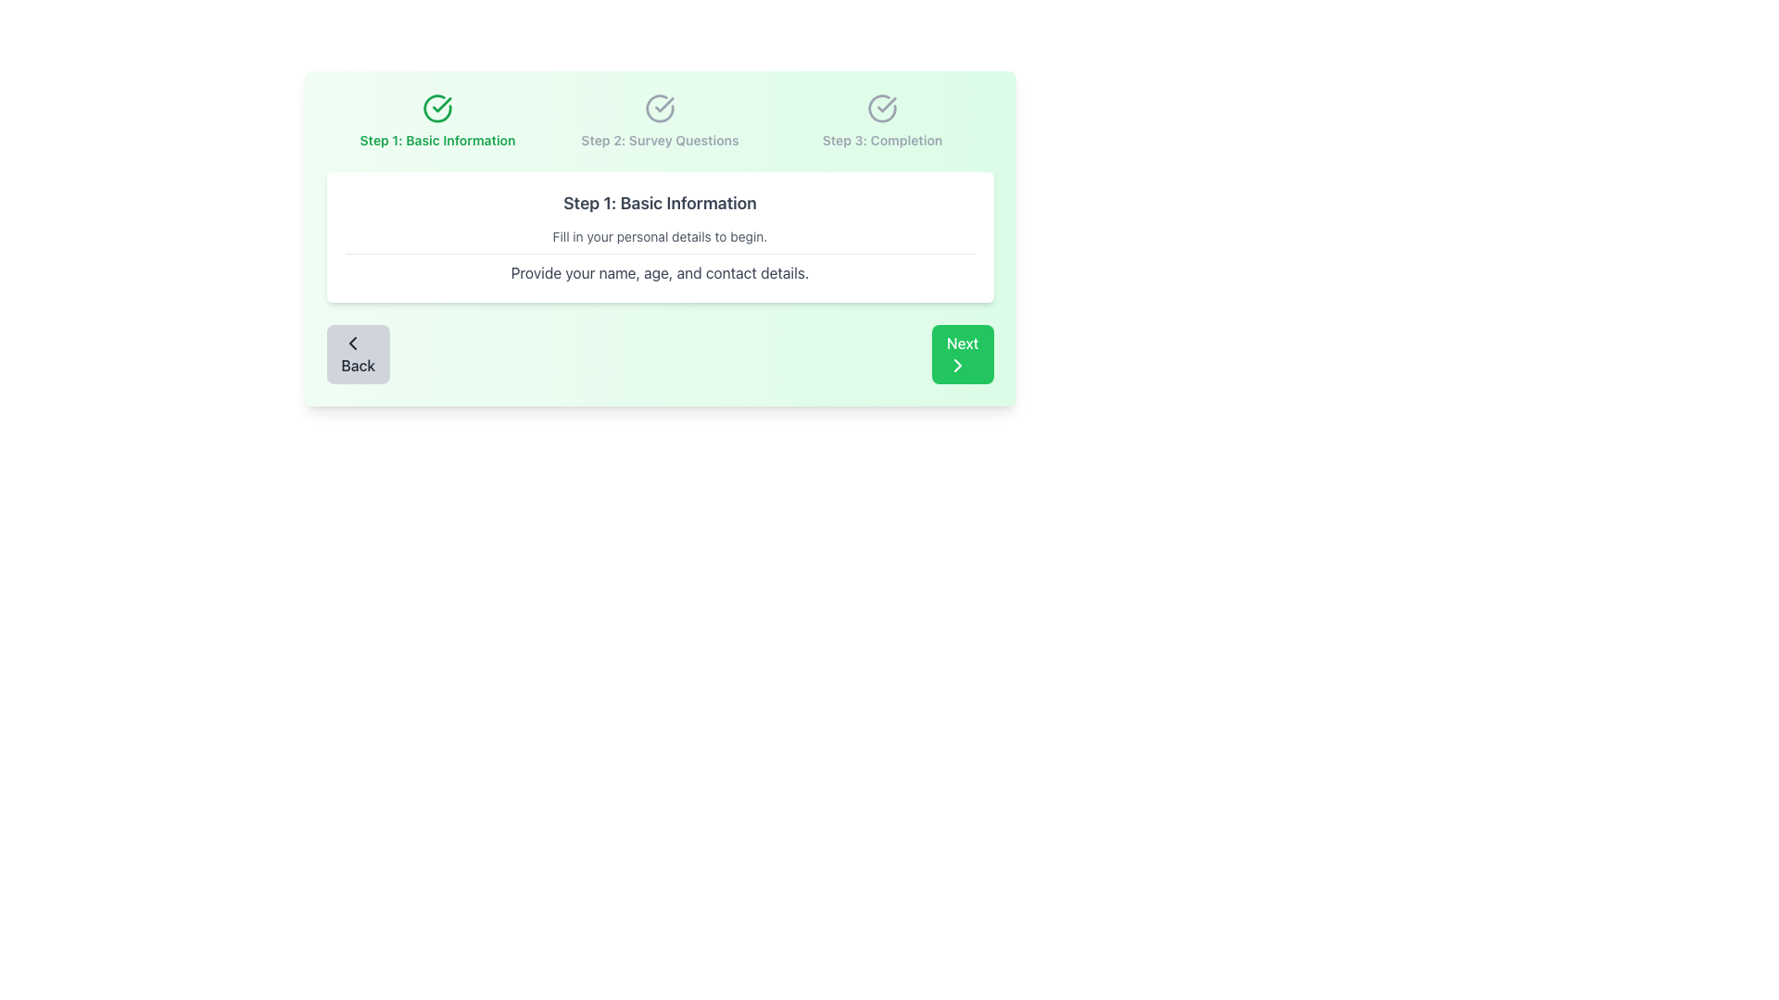  Describe the element at coordinates (436, 121) in the screenshot. I see `the green text label displaying 'Step 1: Basic Information' with a checkmark icon above it, which is the first step in the horizontal progression bar located on the left side` at that location.